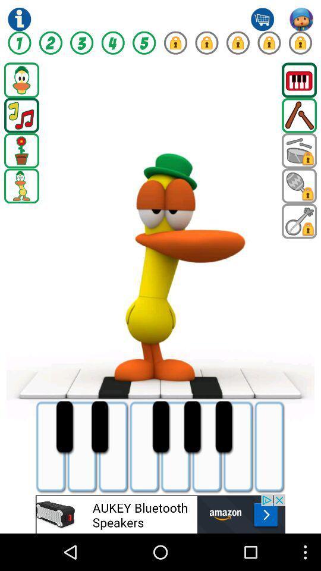  I want to click on the cart icon, so click(262, 20).